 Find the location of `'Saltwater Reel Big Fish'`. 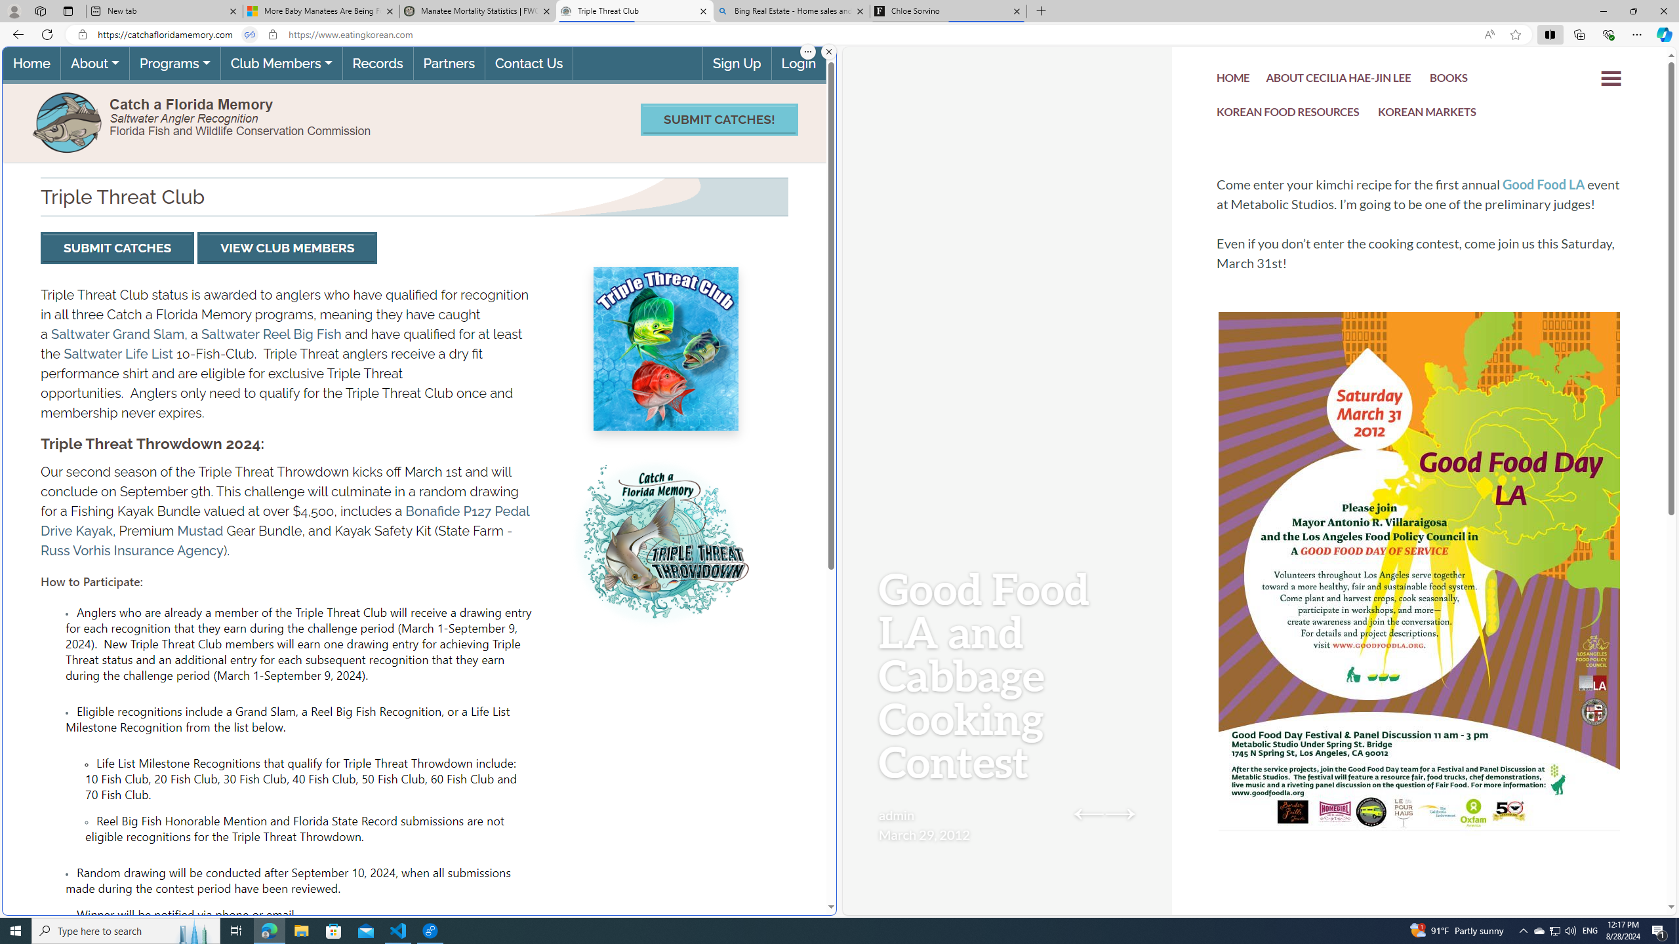

'Saltwater Reel Big Fish' is located at coordinates (271, 334).